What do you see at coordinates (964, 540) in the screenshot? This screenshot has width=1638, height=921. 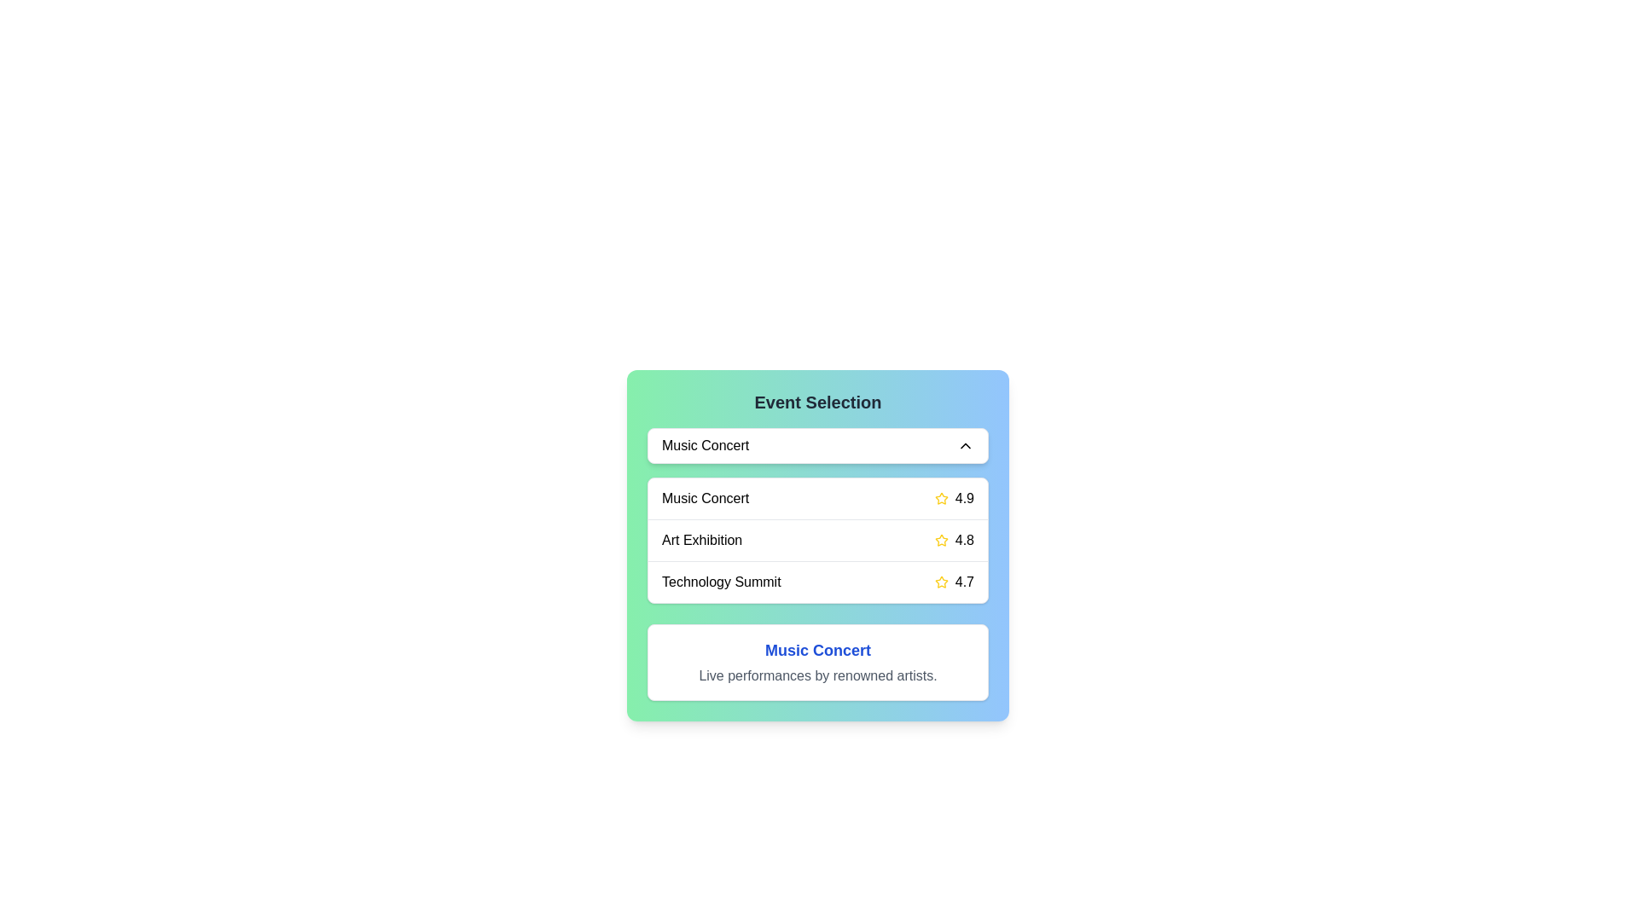 I see `the static text displaying '4.8' that represents the rating for the 'Art Exhibition' entry, located to the right of the star icon` at bounding box center [964, 540].